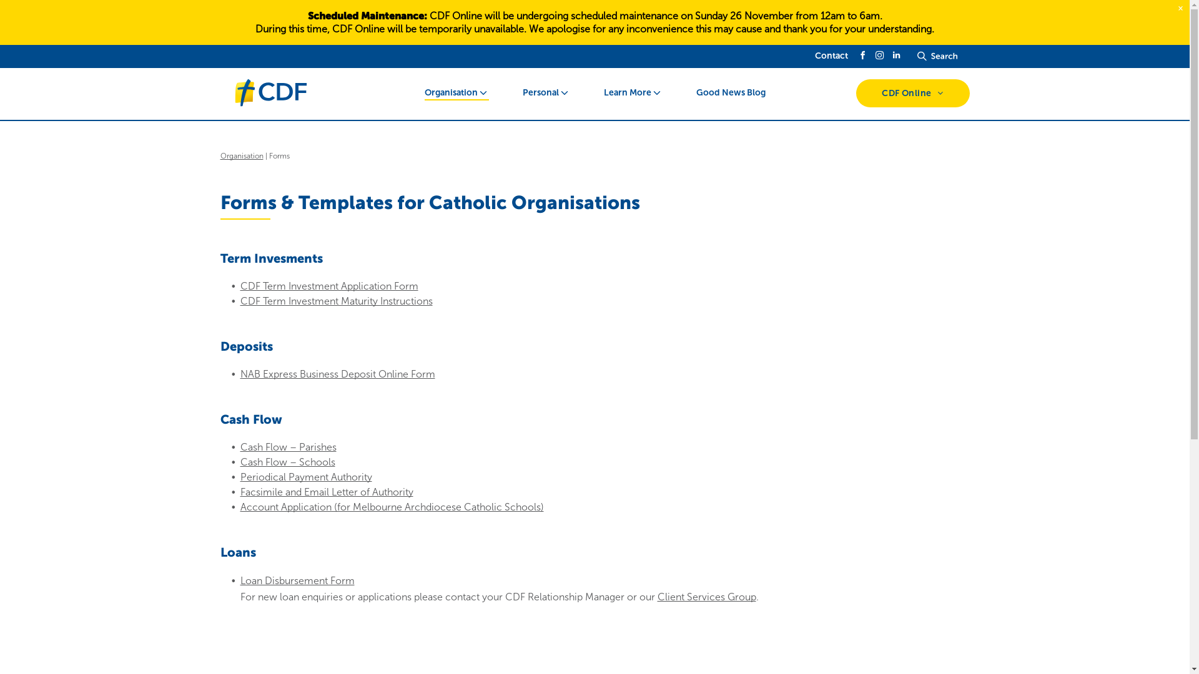 Image resolution: width=1199 pixels, height=674 pixels. I want to click on 'Facsimile and Email Letter of Authority', so click(326, 491).